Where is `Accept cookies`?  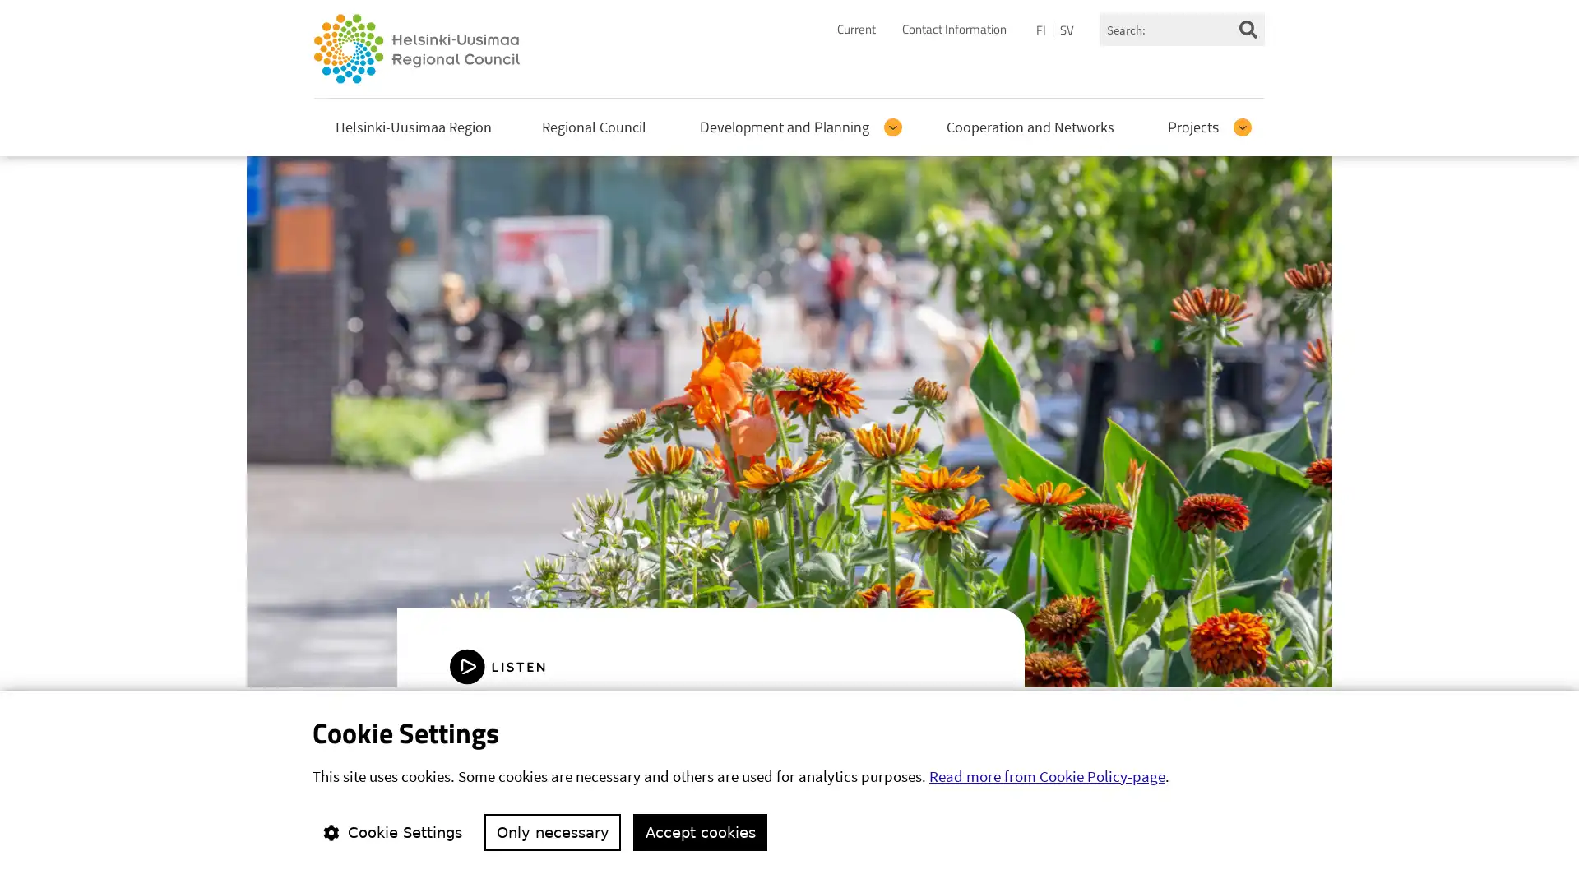
Accept cookies is located at coordinates (700, 832).